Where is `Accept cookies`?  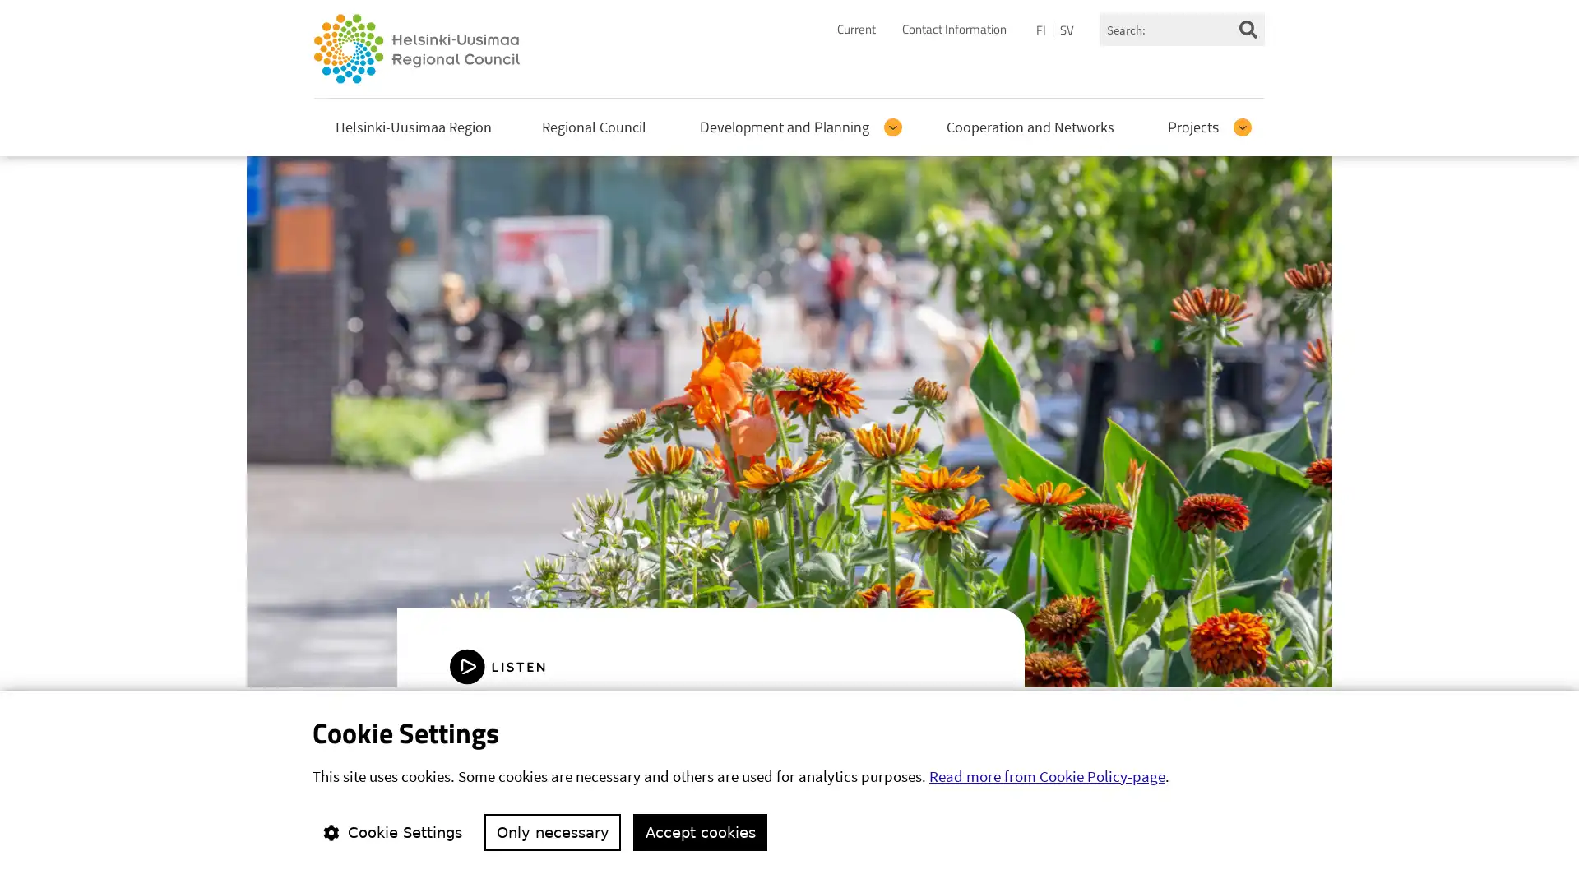
Accept cookies is located at coordinates (700, 832).